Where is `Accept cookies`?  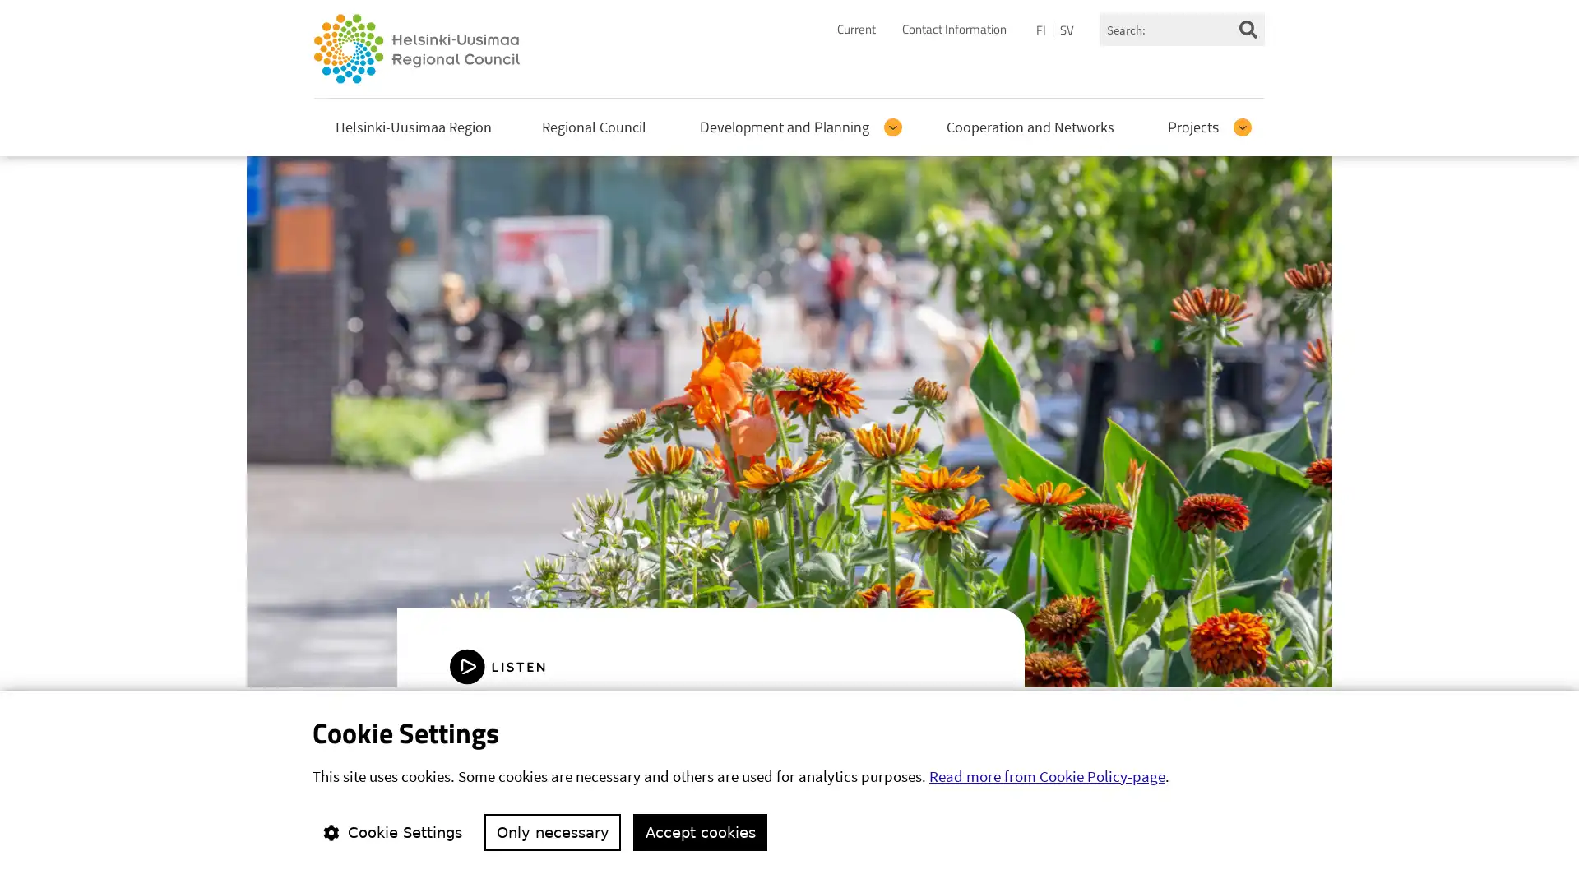
Accept cookies is located at coordinates (700, 832).